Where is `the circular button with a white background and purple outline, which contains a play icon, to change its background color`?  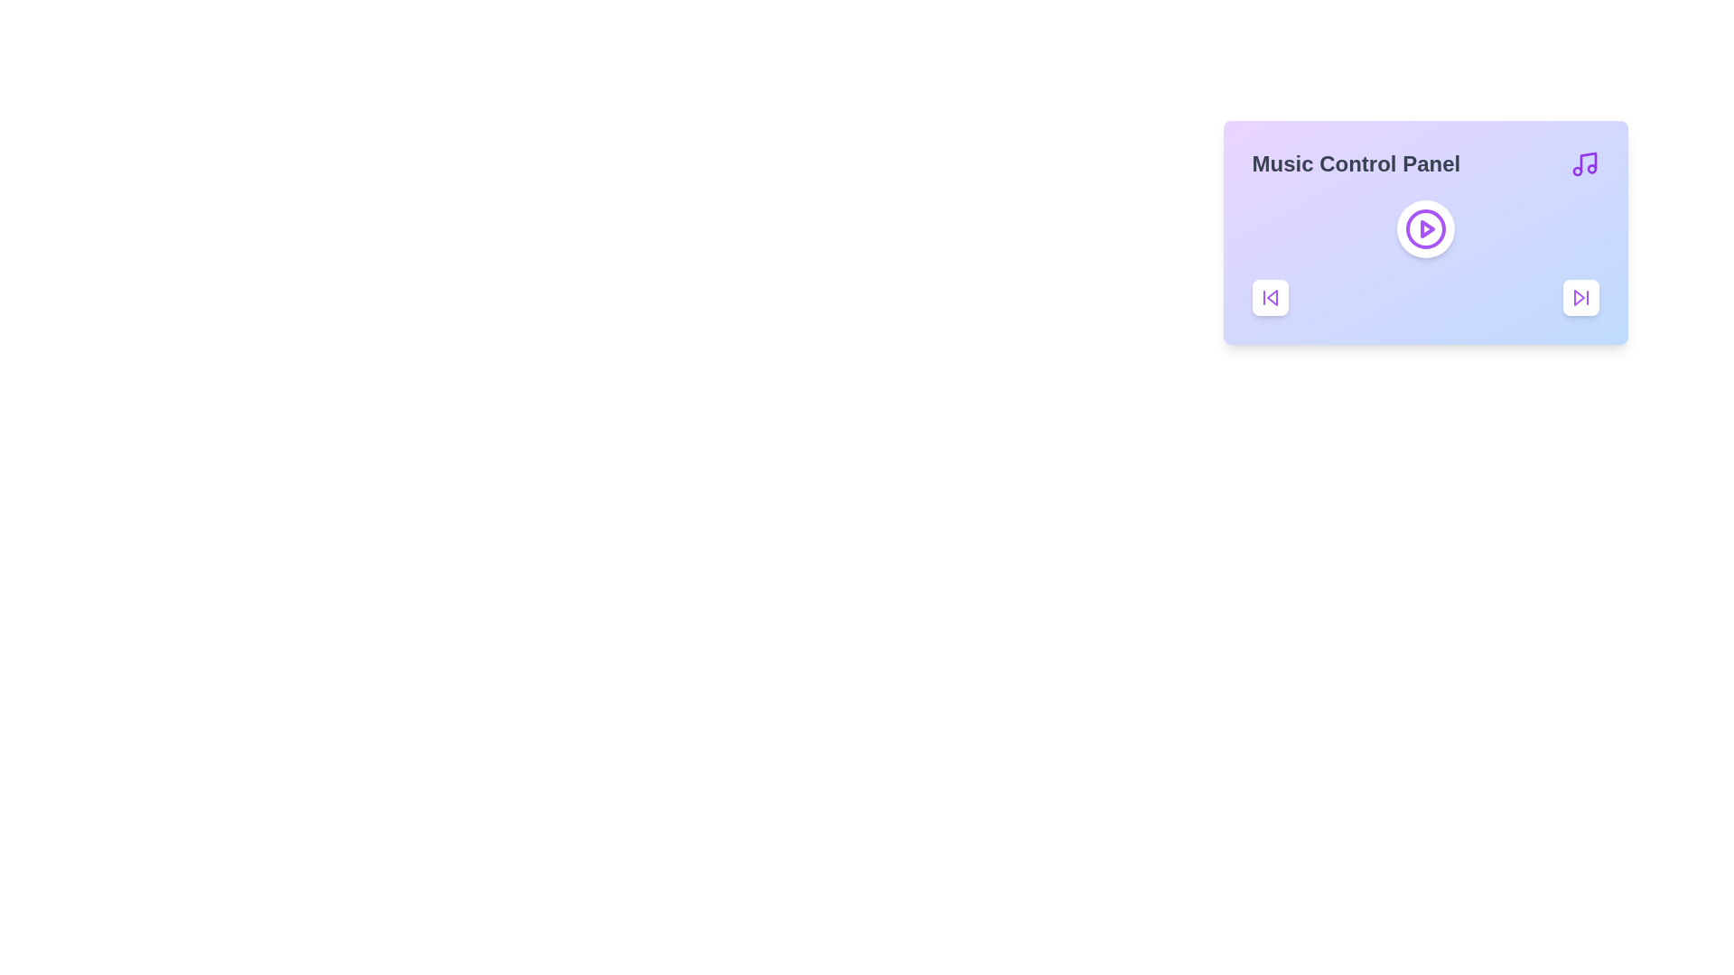
the circular button with a white background and purple outline, which contains a play icon, to change its background color is located at coordinates (1424, 228).